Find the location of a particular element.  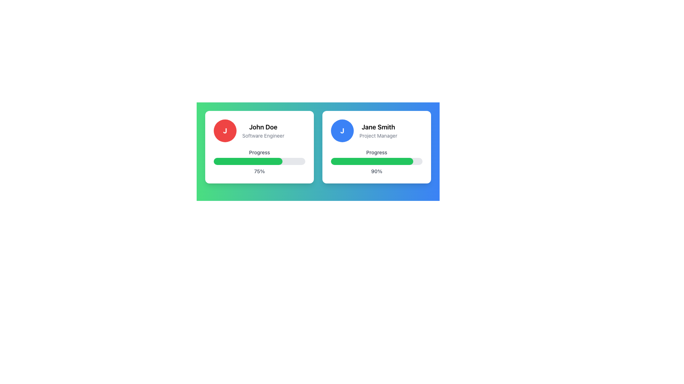

the Text Block that provides user information, specifically a name and job title, located to the right of a circular red icon with the letter 'J' is located at coordinates (263, 130).